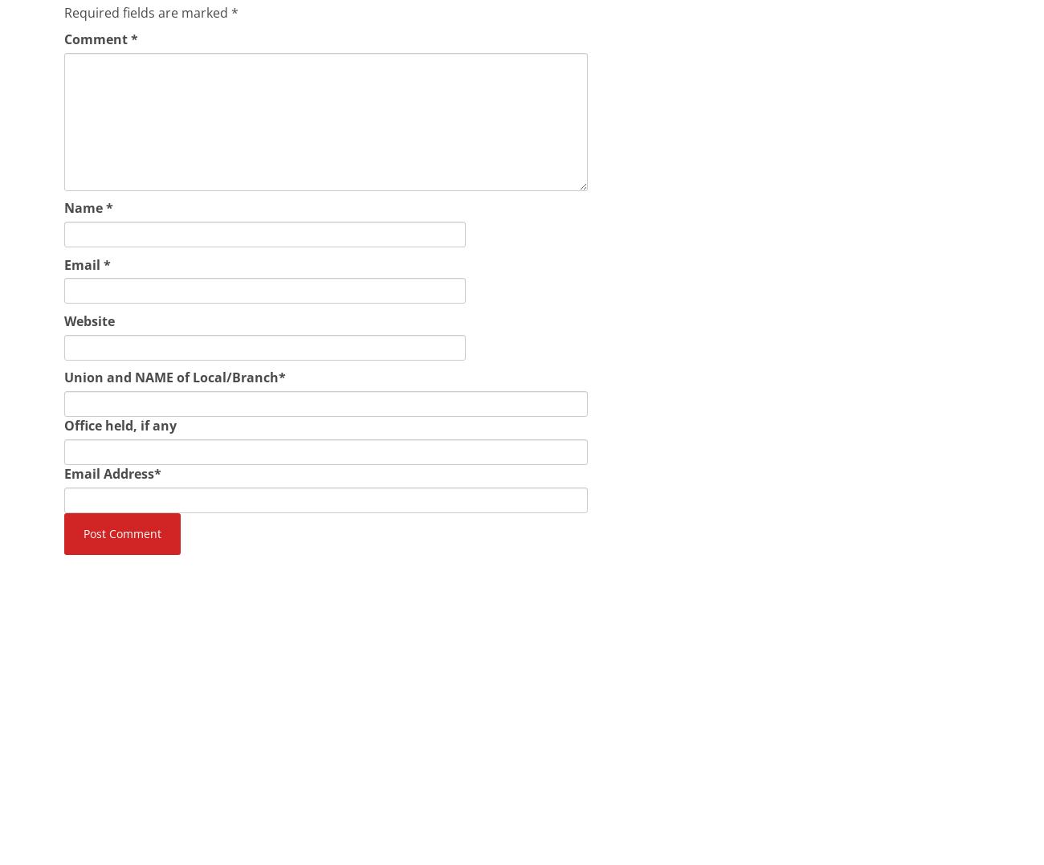 The height and width of the screenshot is (865, 1044). What do you see at coordinates (63, 39) in the screenshot?
I see `'Comment'` at bounding box center [63, 39].